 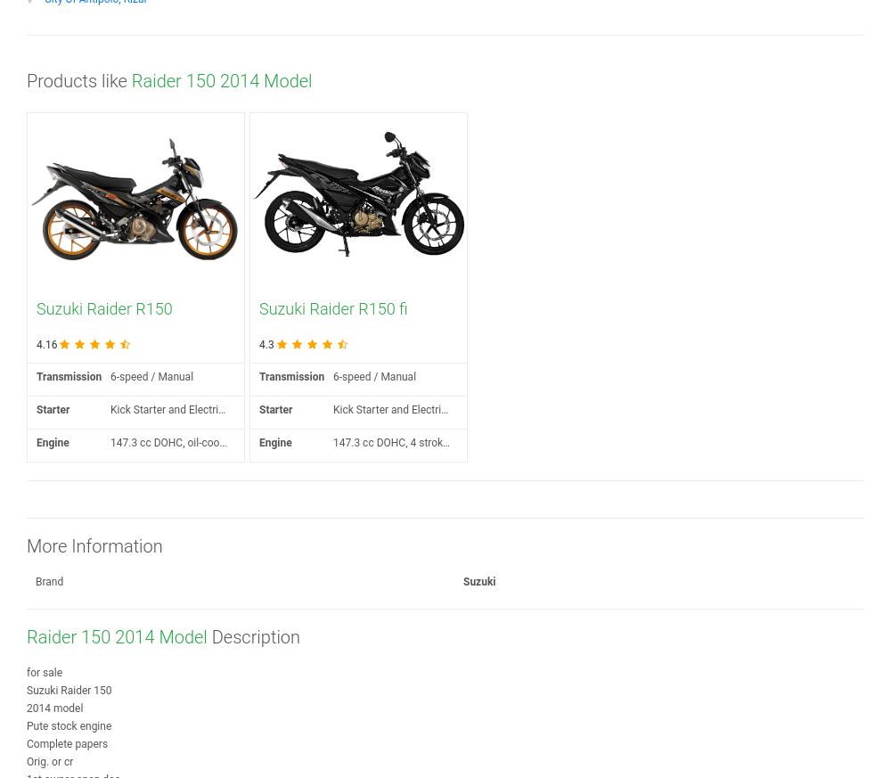 What do you see at coordinates (66, 744) in the screenshot?
I see `'Complete papers'` at bounding box center [66, 744].